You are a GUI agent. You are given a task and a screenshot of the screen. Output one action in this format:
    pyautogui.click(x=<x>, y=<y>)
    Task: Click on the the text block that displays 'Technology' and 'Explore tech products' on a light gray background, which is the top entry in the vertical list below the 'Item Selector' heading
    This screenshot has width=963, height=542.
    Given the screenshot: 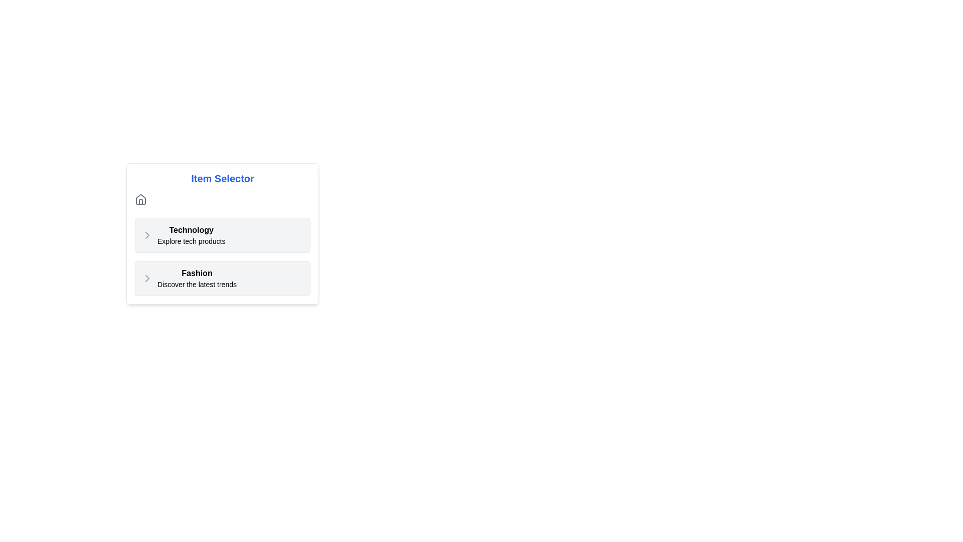 What is the action you would take?
    pyautogui.click(x=191, y=235)
    